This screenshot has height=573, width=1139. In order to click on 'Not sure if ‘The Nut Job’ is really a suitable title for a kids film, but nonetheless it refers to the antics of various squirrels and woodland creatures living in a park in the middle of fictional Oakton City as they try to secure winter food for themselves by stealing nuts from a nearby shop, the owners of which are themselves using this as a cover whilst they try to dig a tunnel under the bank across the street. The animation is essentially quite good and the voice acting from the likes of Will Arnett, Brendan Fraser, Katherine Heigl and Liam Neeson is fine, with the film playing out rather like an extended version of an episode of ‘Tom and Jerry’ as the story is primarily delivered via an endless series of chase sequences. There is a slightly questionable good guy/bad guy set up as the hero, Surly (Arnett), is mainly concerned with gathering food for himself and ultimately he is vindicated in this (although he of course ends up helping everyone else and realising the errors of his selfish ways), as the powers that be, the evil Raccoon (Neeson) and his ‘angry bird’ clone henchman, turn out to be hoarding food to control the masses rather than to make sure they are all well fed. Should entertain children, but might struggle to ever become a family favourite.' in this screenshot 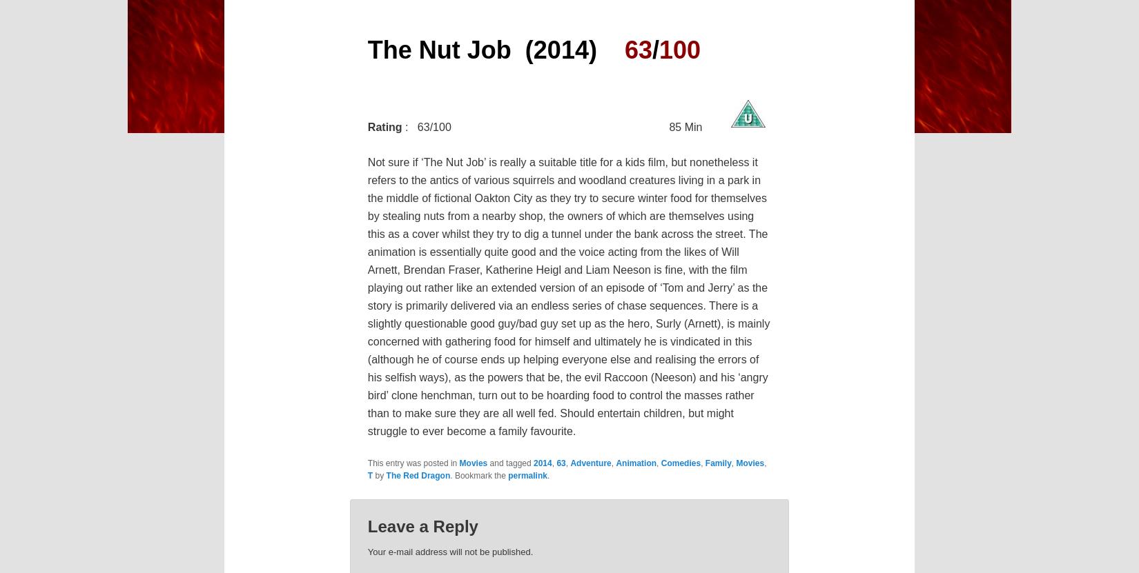, I will do `click(567, 296)`.